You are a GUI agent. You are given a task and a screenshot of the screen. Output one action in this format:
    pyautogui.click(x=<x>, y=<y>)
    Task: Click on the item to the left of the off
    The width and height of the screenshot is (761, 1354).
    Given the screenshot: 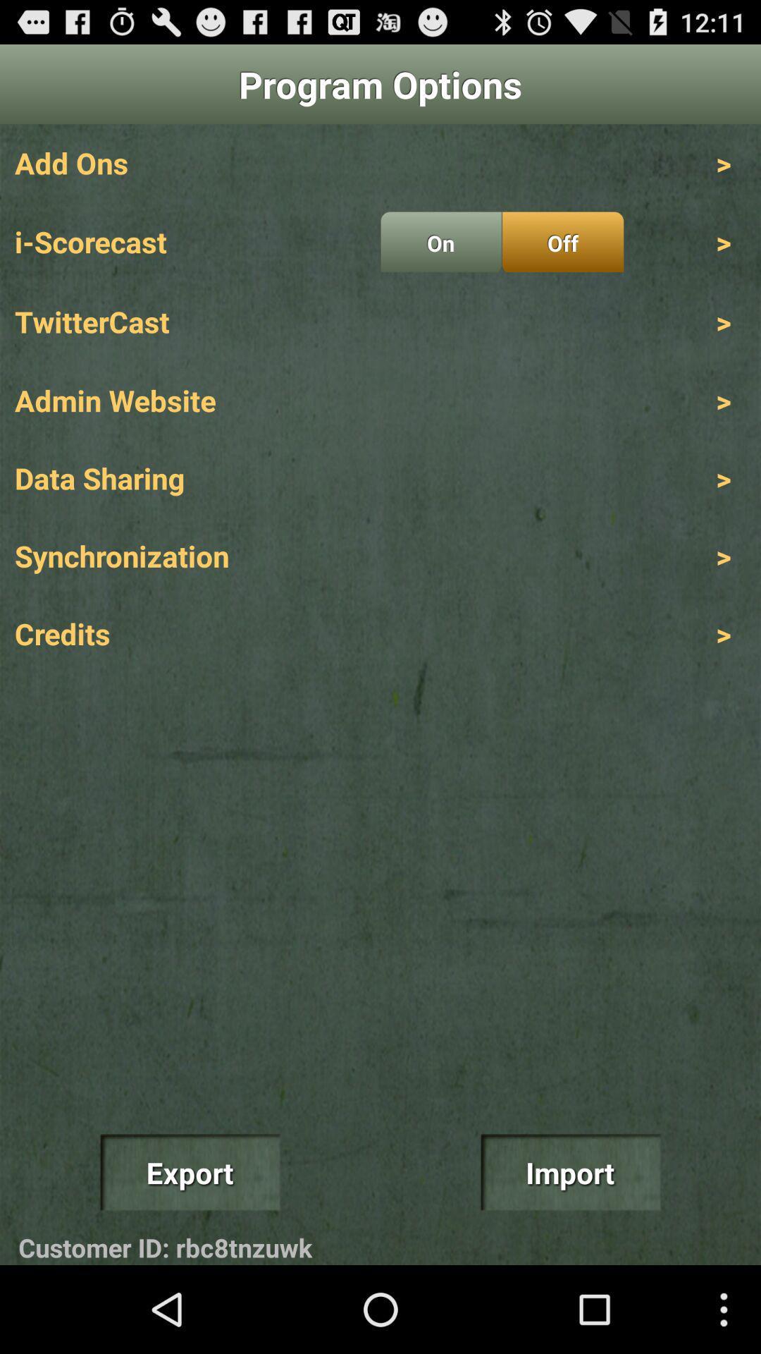 What is the action you would take?
    pyautogui.click(x=440, y=242)
    